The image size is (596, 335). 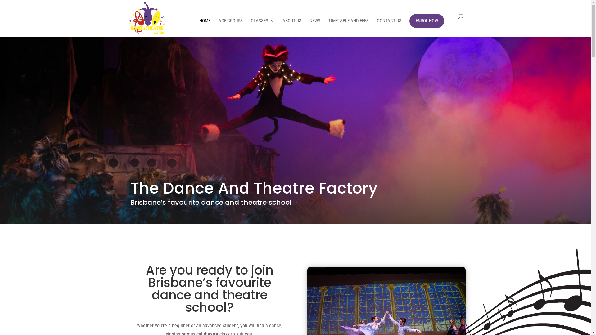 What do you see at coordinates (205, 27) in the screenshot?
I see `'HOME'` at bounding box center [205, 27].